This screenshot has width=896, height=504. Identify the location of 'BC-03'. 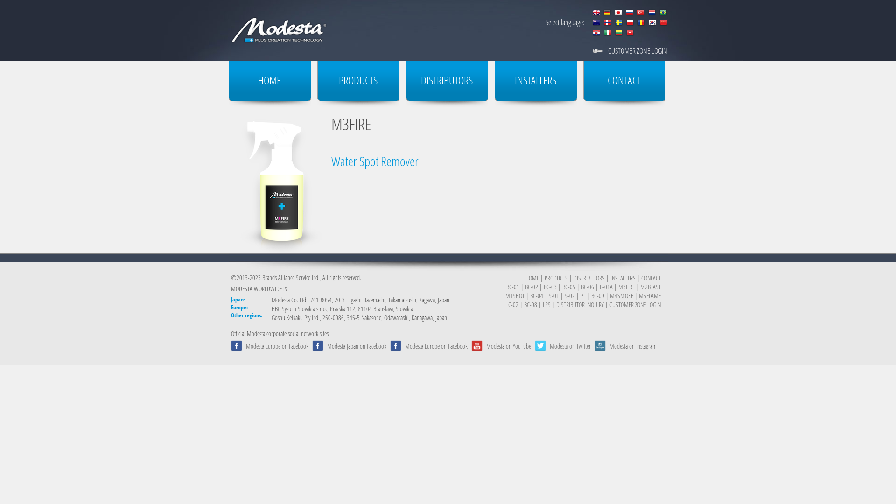
(550, 286).